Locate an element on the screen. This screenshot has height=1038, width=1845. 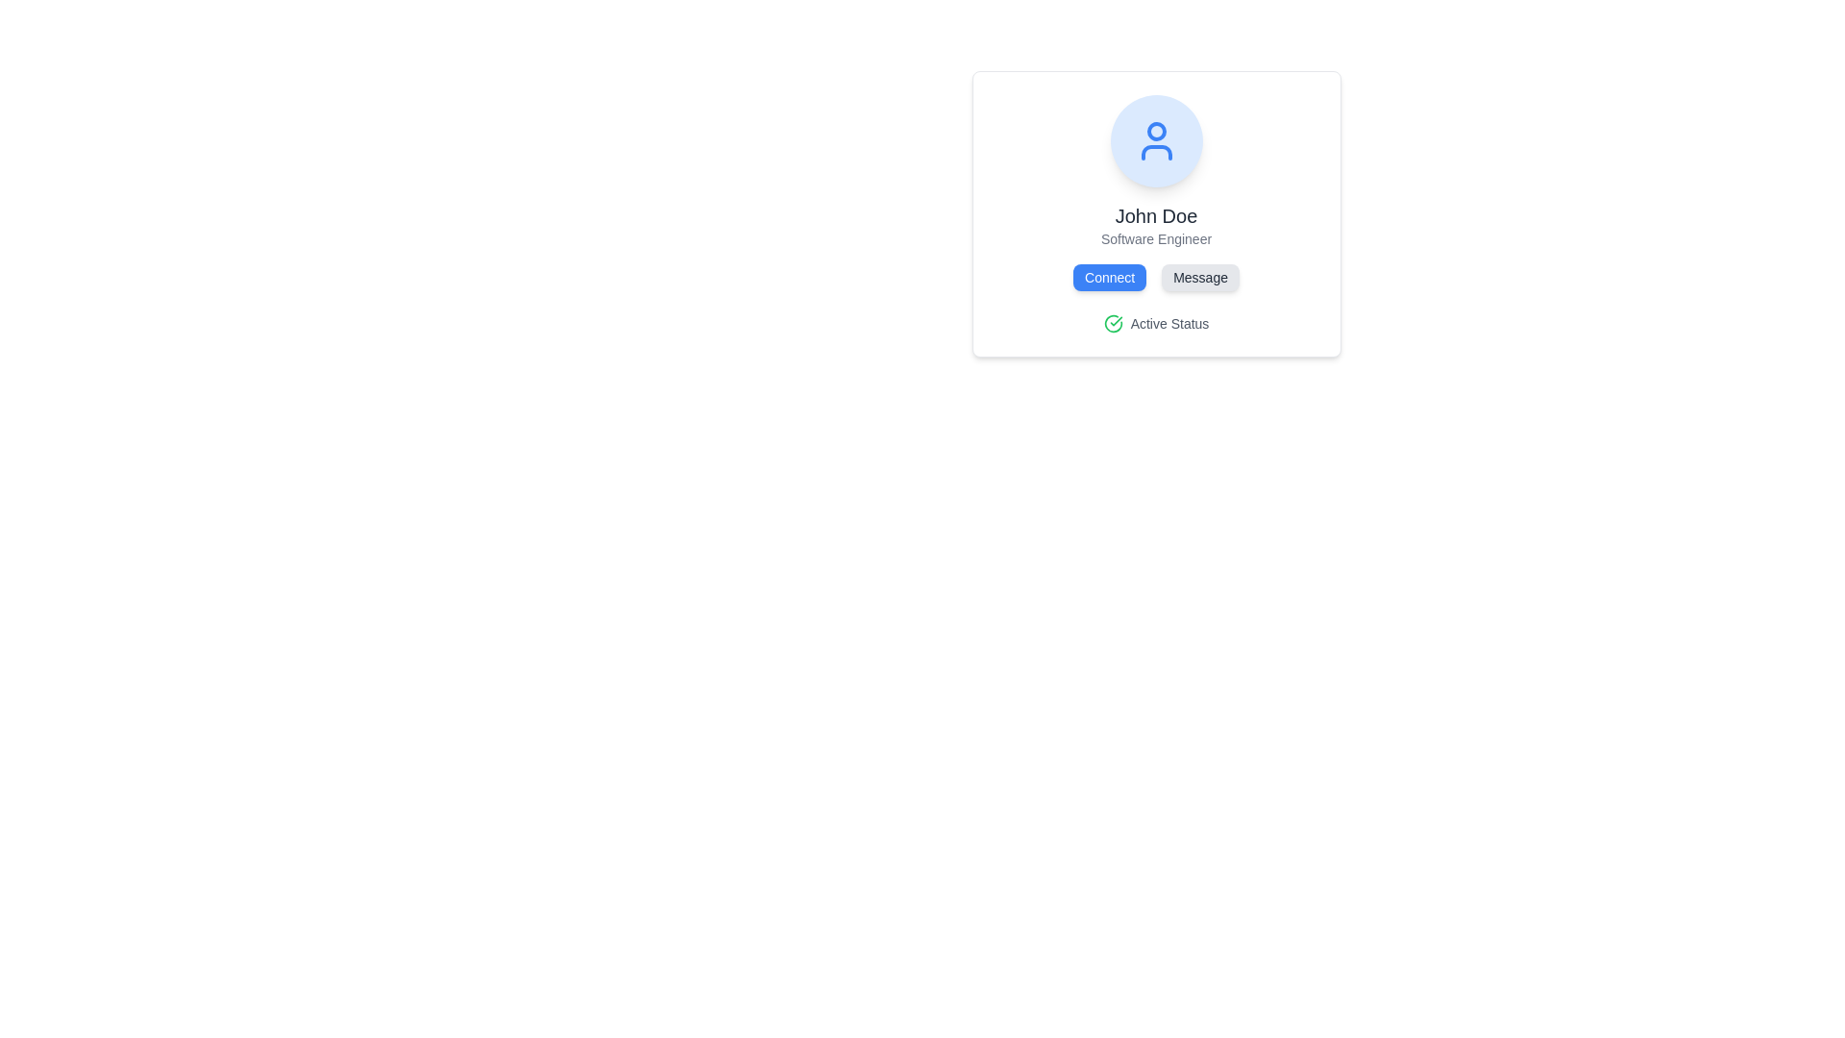
the profile header text display that shows the user's full name and professional title, which is located below the avatar icon and above the 'Connect' and 'Message' buttons is located at coordinates (1155, 225).